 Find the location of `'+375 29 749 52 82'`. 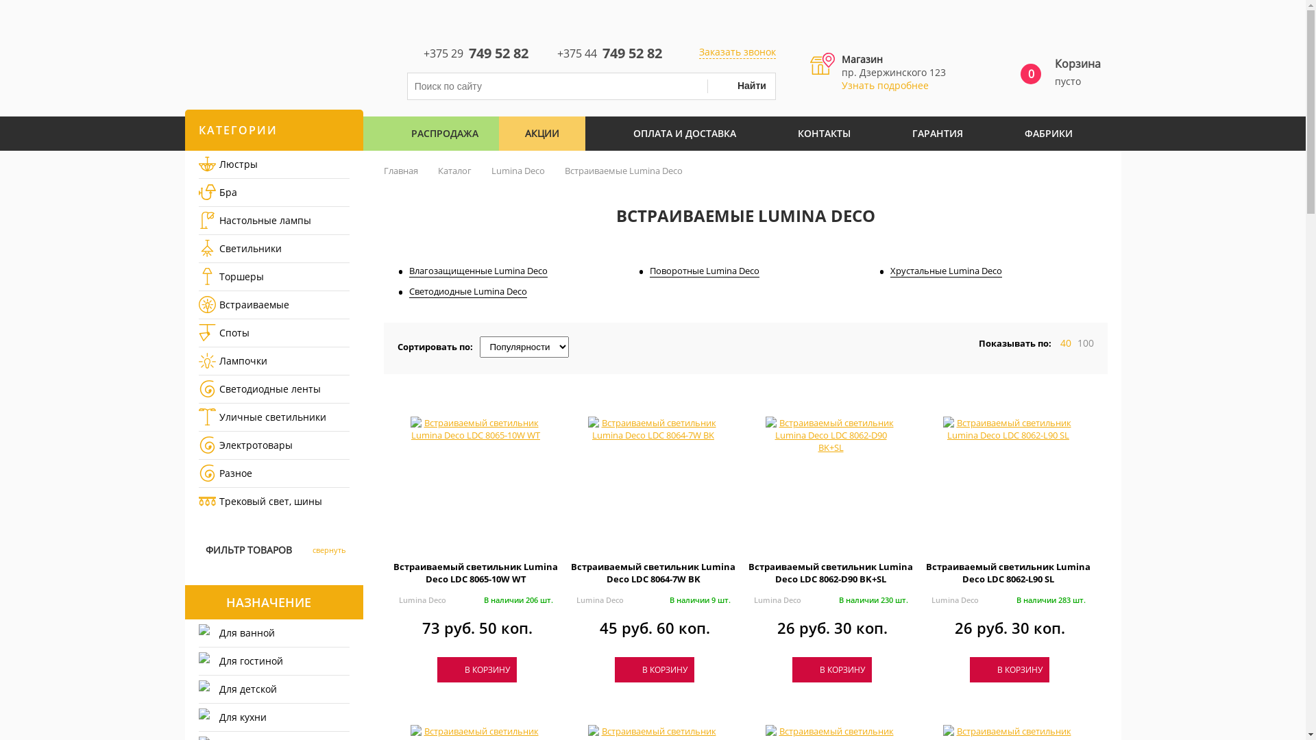

'+375 29 749 52 82' is located at coordinates (406, 51).